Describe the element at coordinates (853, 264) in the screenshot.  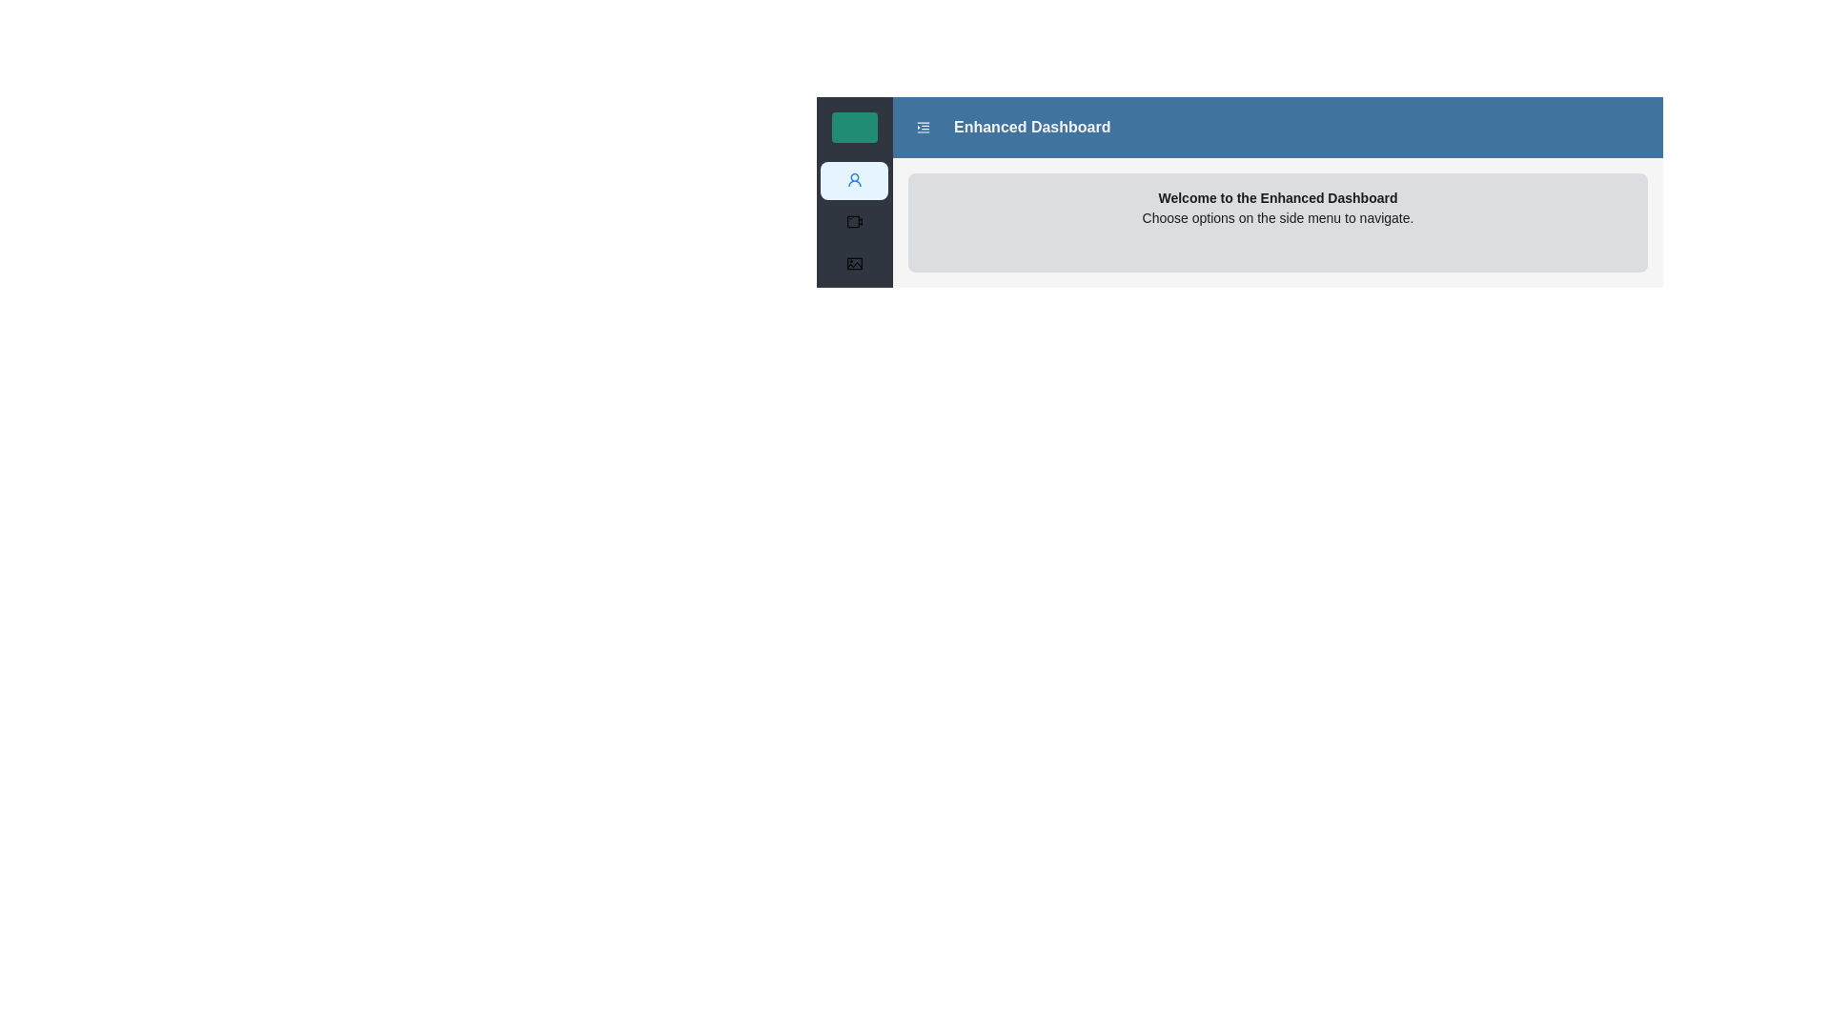
I see `the 'Gallery' button, which is the third item in the vertical menu bar on the left, featuring a black background and a picture frame icon` at that location.